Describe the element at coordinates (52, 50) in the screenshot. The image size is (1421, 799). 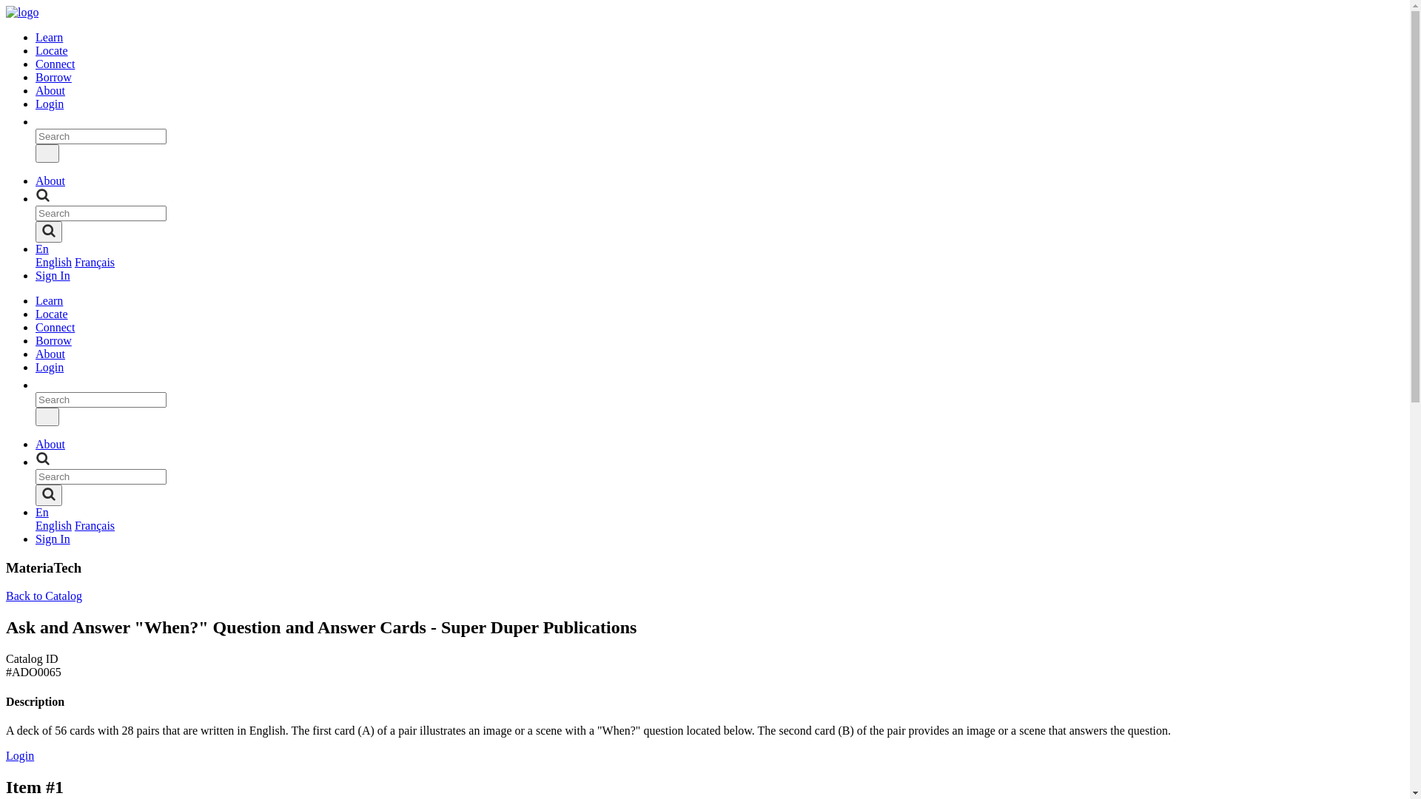
I see `'Locate'` at that location.